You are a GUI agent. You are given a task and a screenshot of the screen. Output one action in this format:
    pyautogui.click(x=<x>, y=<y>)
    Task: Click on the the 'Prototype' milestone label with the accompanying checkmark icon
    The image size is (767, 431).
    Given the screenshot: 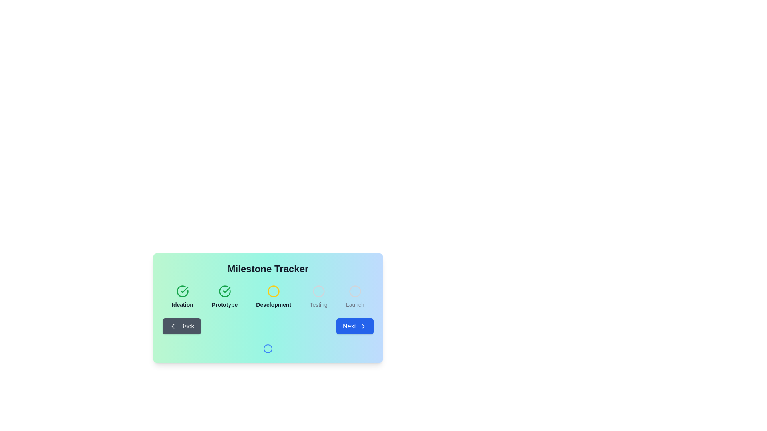 What is the action you would take?
    pyautogui.click(x=224, y=297)
    